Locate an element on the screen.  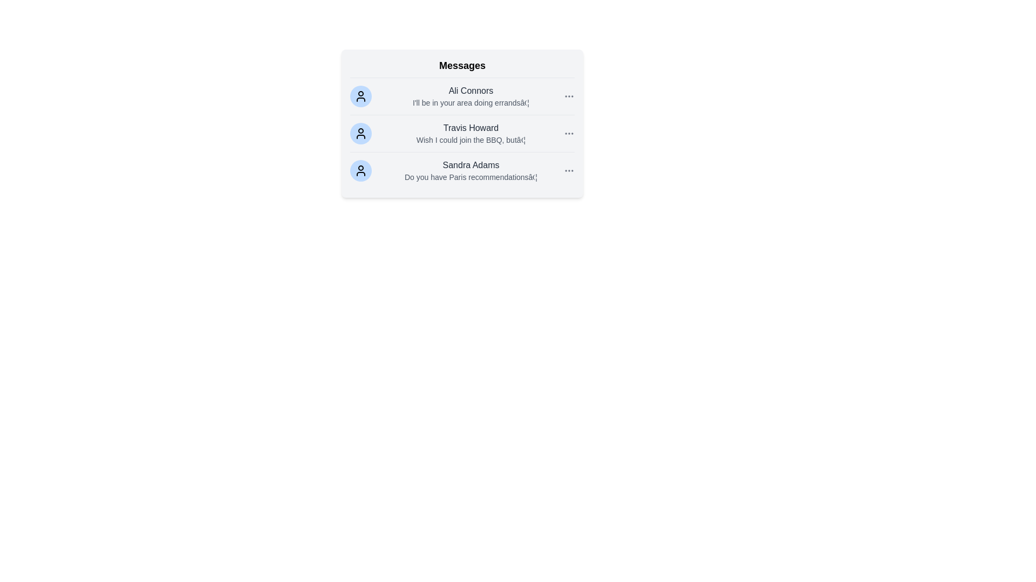
the icon located in the second row of the list, directly to the left of the text 'Travis Howard', which serves as a visual identifier for the user associated with the corresponding message is located at coordinates (360, 133).